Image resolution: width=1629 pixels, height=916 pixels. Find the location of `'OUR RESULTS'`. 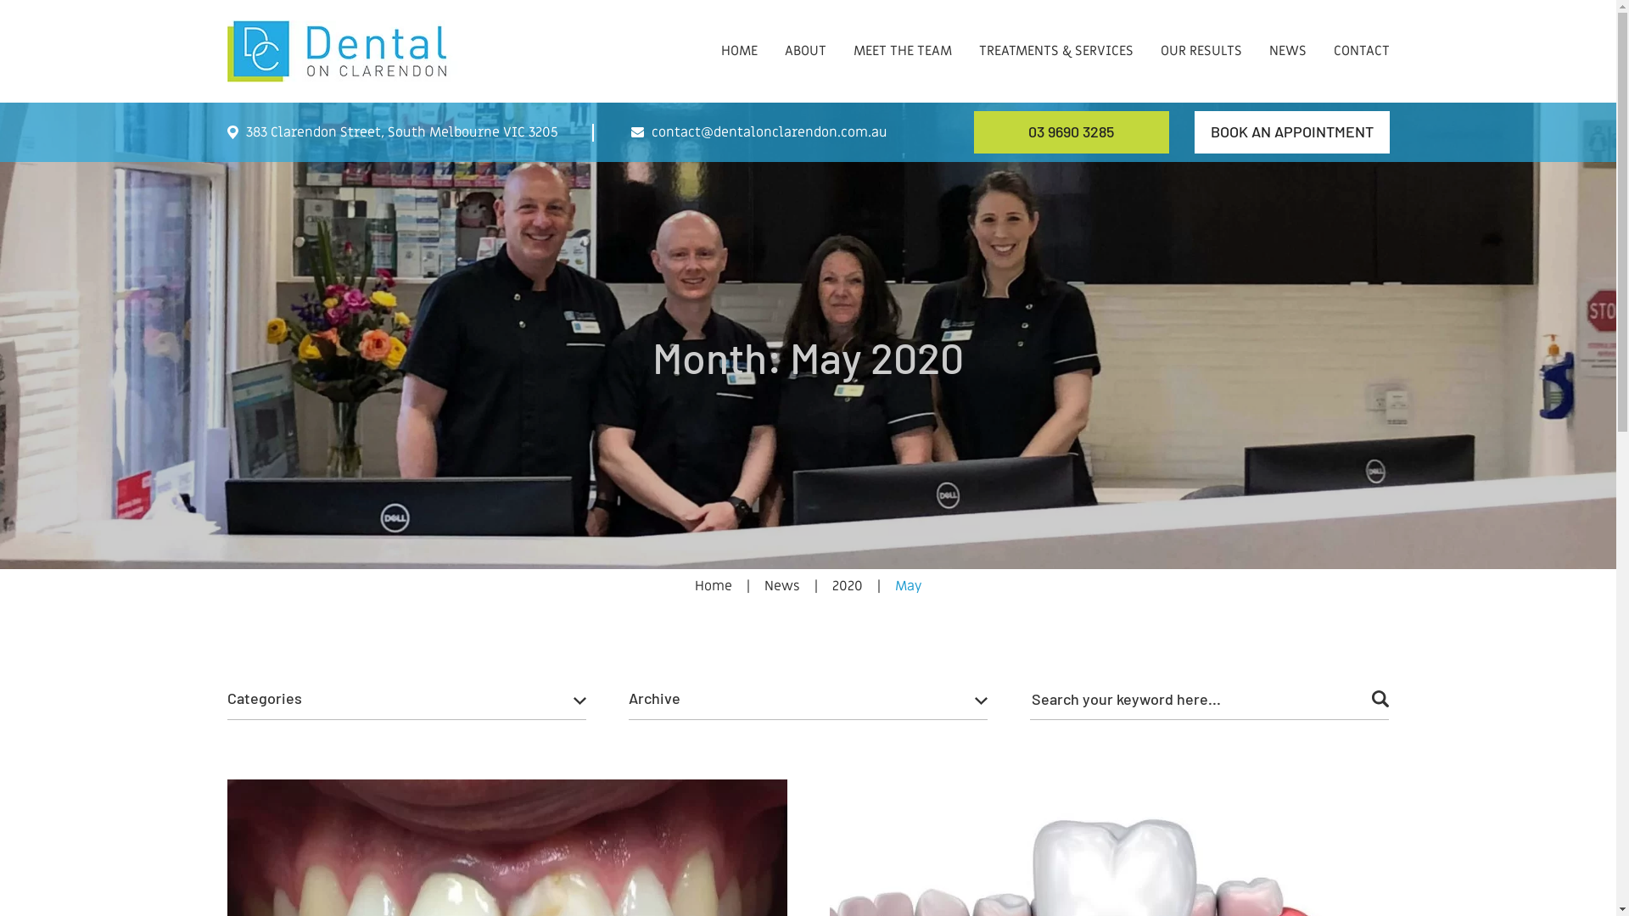

'OUR RESULTS' is located at coordinates (1201, 34).